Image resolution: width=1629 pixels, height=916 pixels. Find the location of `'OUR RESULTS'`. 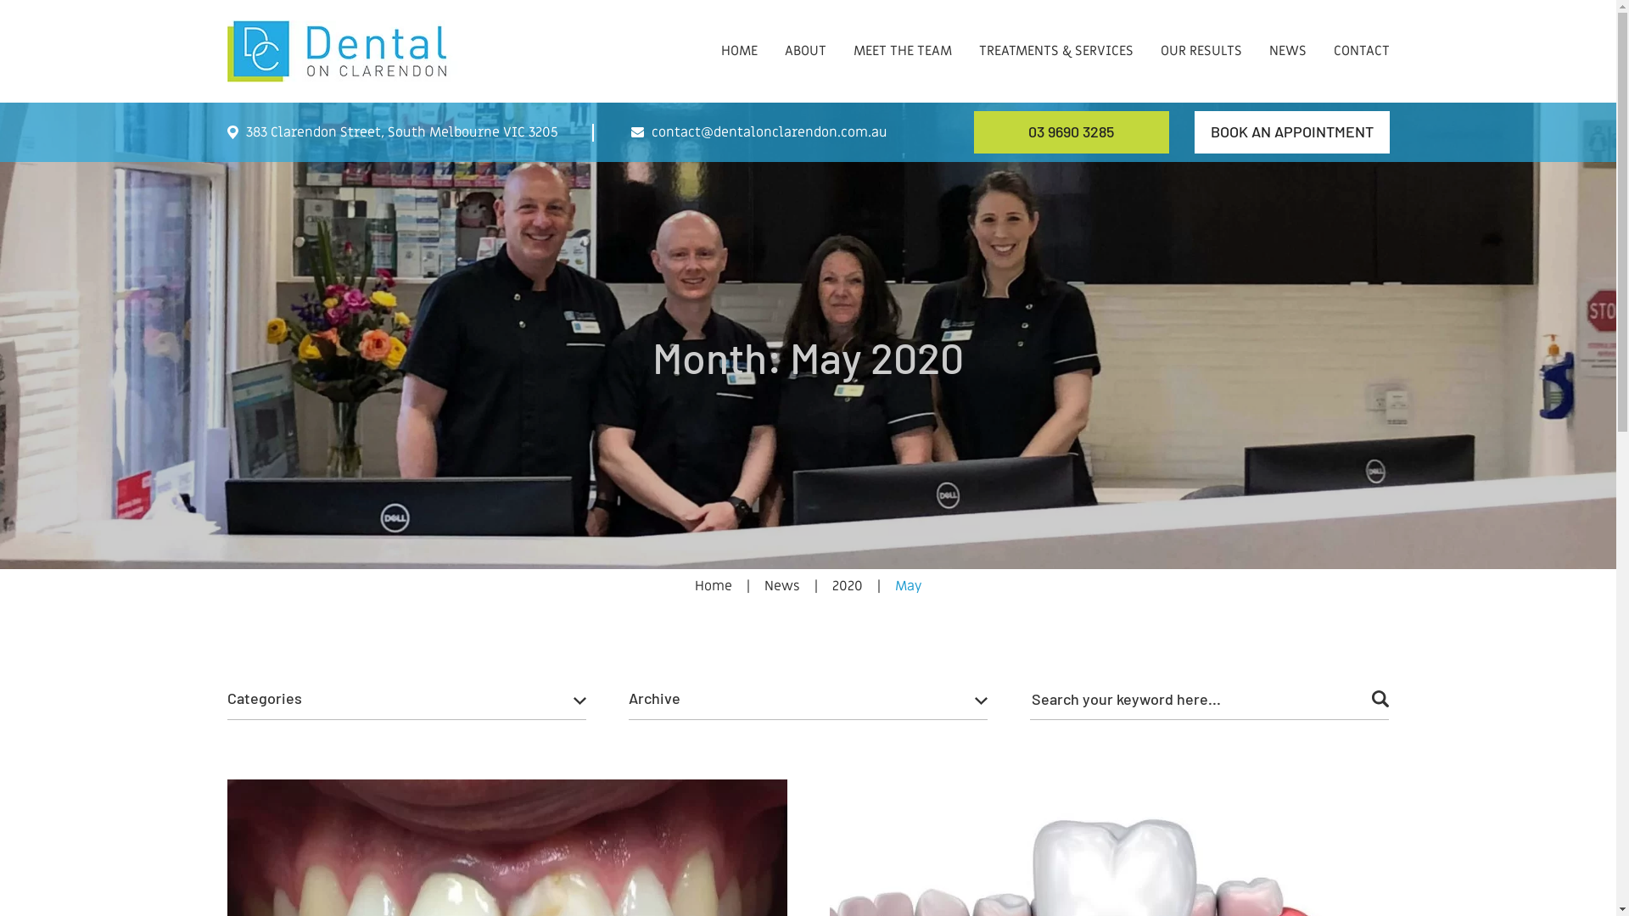

'OUR RESULTS' is located at coordinates (1201, 34).